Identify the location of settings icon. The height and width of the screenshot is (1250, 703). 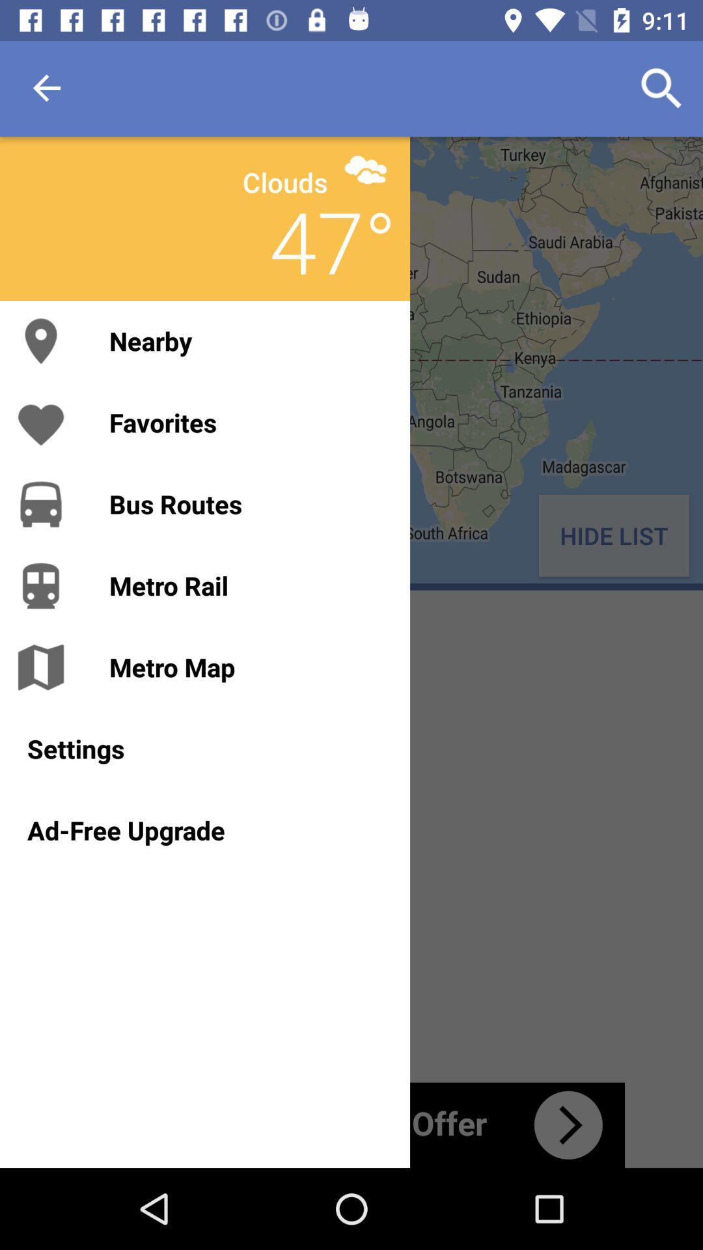
(205, 749).